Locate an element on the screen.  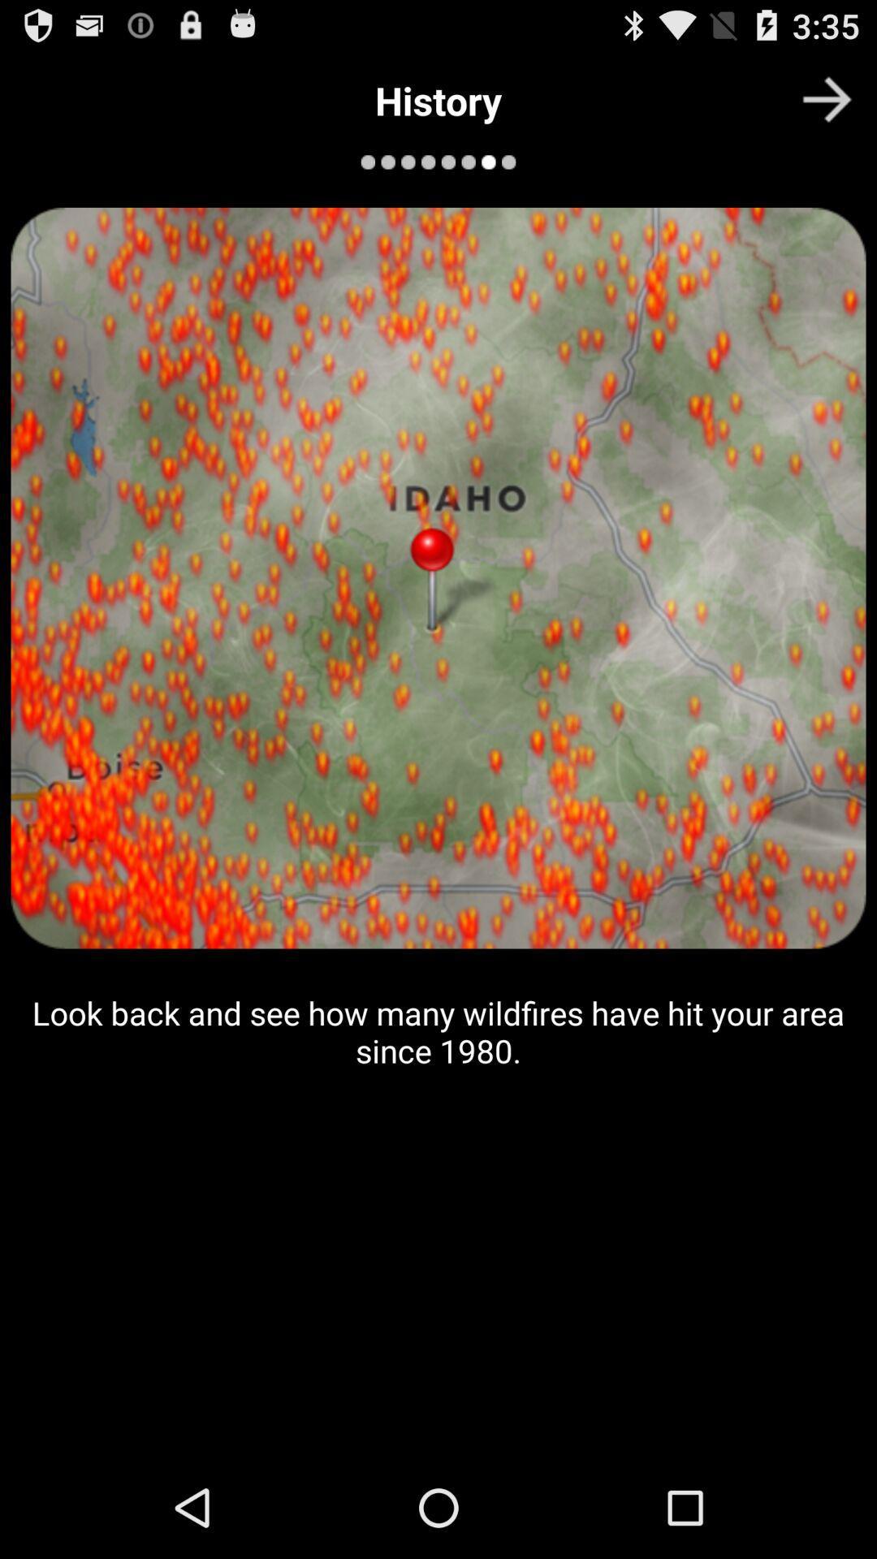
go forward is located at coordinates (827, 98).